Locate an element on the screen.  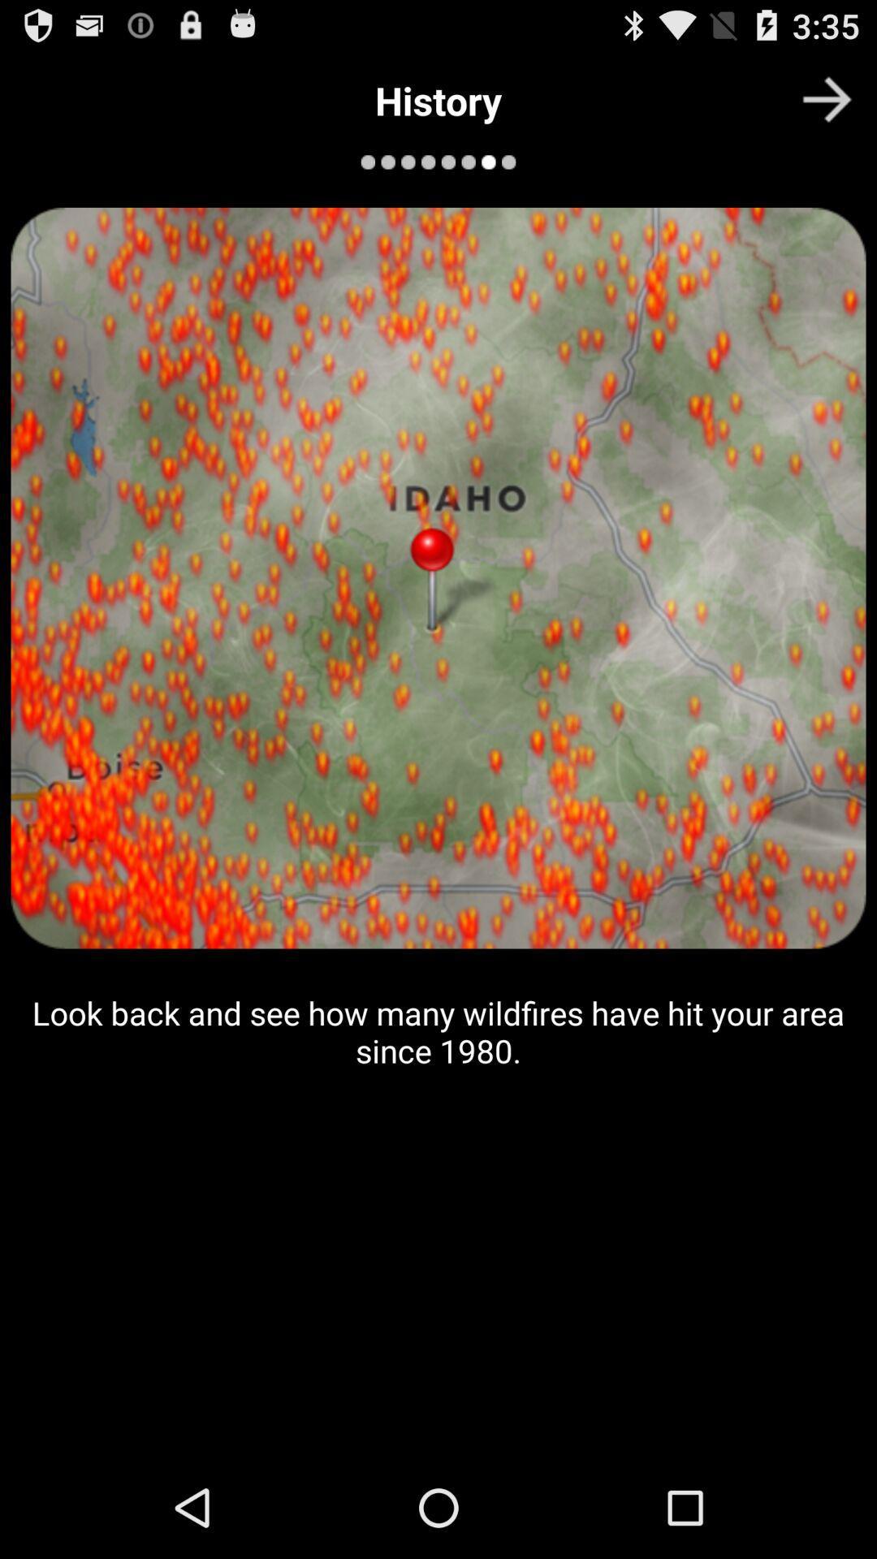
go forward is located at coordinates (827, 98).